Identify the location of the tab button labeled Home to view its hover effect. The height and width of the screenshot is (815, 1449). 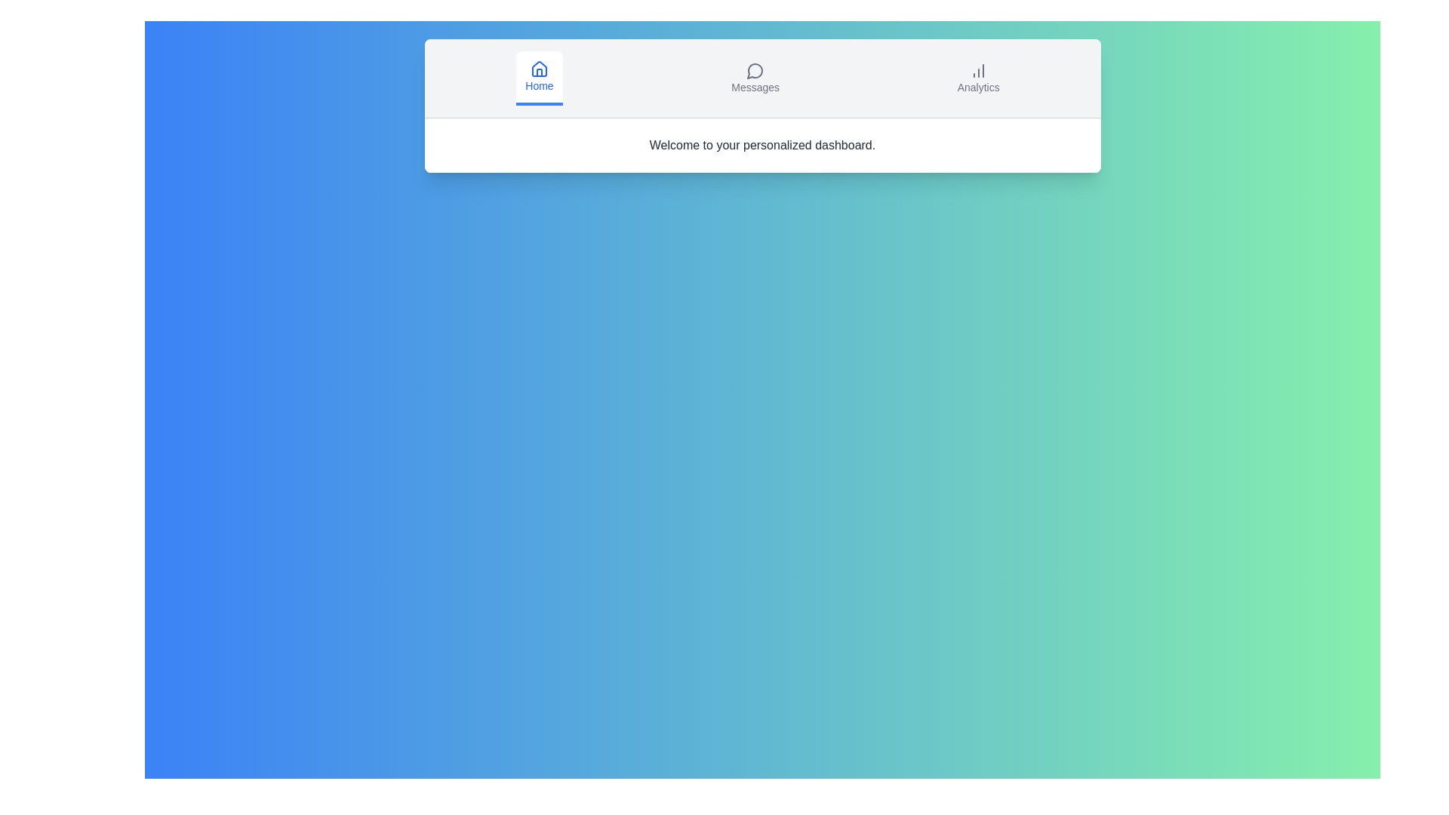
(539, 78).